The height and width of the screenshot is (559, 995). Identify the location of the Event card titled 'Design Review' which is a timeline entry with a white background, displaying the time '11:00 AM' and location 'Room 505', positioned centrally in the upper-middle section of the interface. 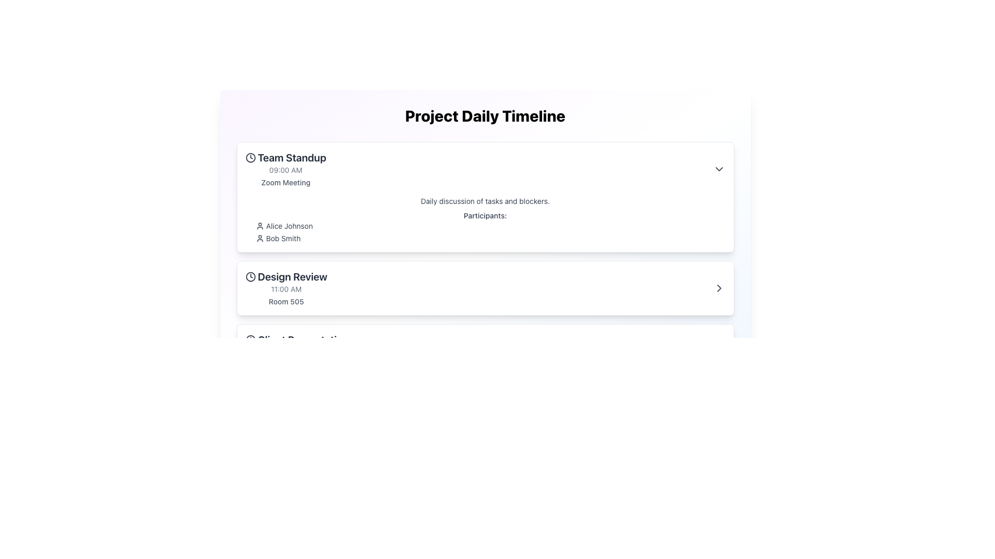
(485, 288).